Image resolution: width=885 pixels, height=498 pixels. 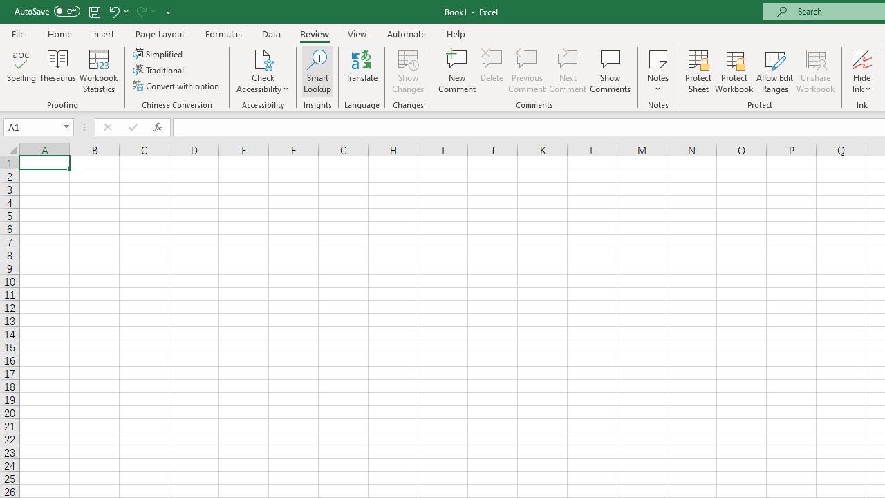 What do you see at coordinates (774, 71) in the screenshot?
I see `'Allow Edit Ranges'` at bounding box center [774, 71].